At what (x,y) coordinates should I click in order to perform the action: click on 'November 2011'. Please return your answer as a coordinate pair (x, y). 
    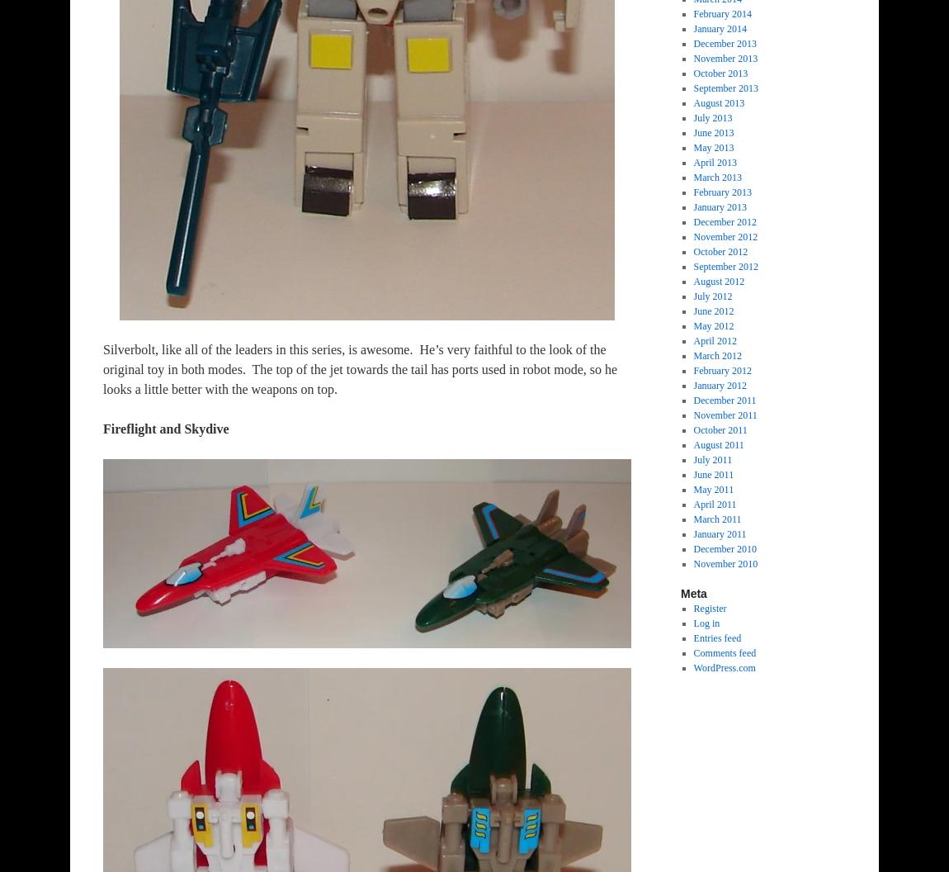
    Looking at the image, I should click on (725, 414).